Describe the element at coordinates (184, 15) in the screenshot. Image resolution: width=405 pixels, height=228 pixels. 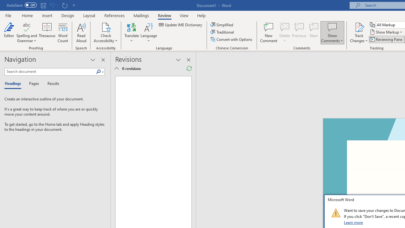
I see `'View'` at that location.